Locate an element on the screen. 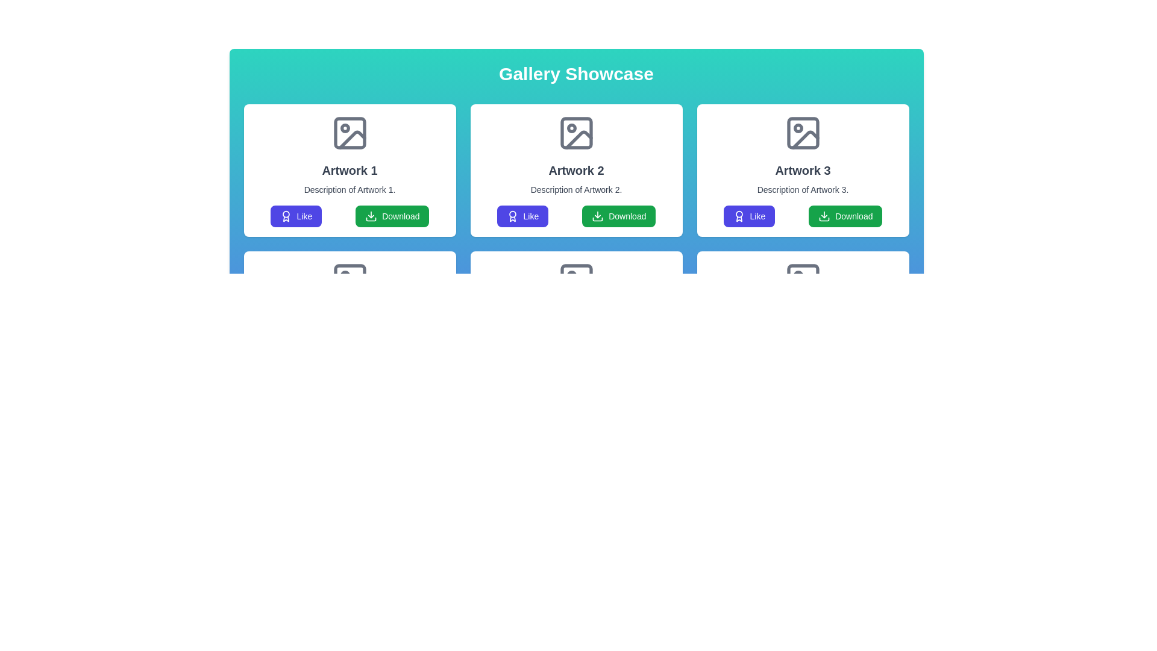 Image resolution: width=1157 pixels, height=651 pixels. the Image icon situated in the second card of the gallery, located centrally above the title 'Artwork 2' is located at coordinates (575, 133).